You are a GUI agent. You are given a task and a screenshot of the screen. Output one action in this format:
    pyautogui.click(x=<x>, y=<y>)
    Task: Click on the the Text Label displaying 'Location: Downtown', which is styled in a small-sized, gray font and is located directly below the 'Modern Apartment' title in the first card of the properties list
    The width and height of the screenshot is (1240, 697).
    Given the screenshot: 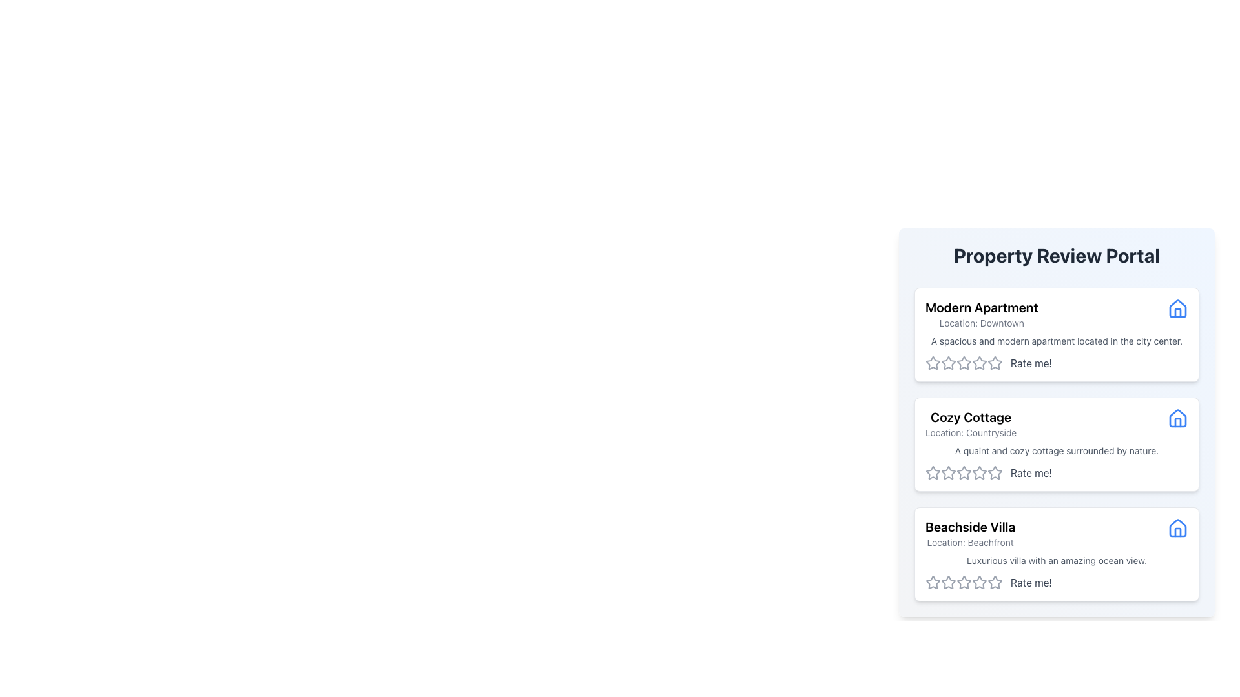 What is the action you would take?
    pyautogui.click(x=982, y=323)
    